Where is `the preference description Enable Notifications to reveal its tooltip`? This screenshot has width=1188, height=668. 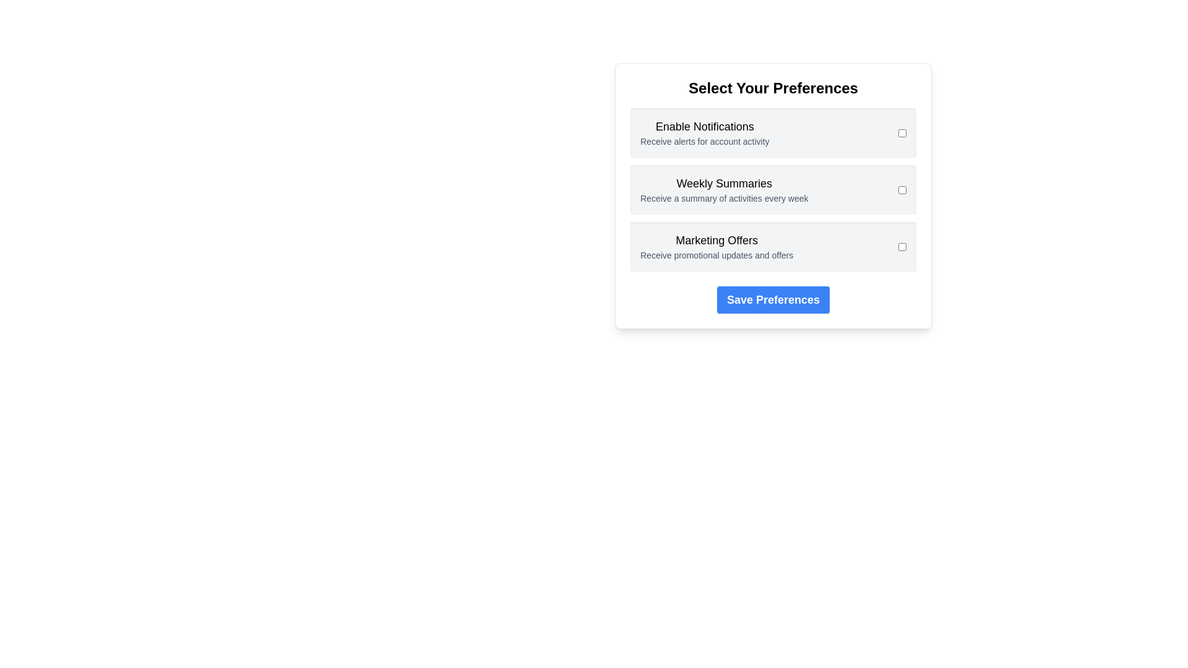
the preference description Enable Notifications to reveal its tooltip is located at coordinates (705, 140).